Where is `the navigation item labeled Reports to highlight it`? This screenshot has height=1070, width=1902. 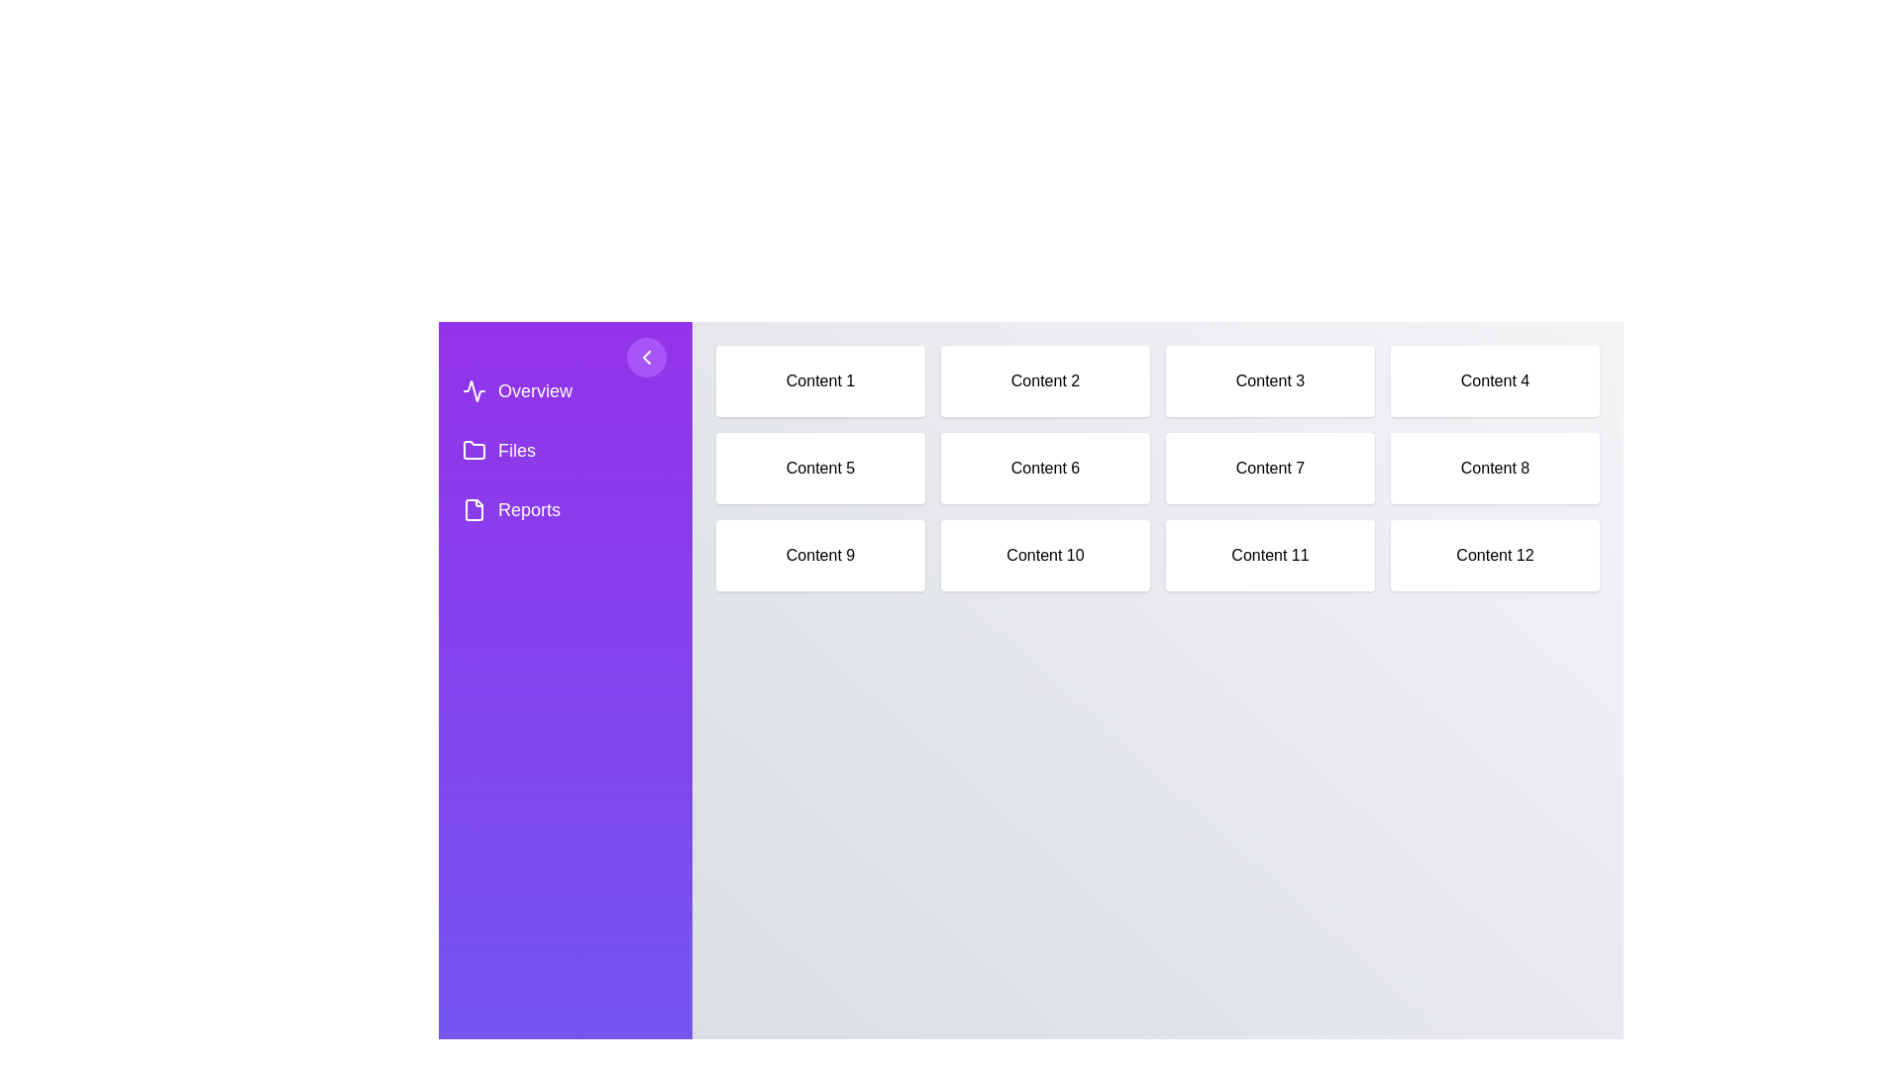 the navigation item labeled Reports to highlight it is located at coordinates (565, 509).